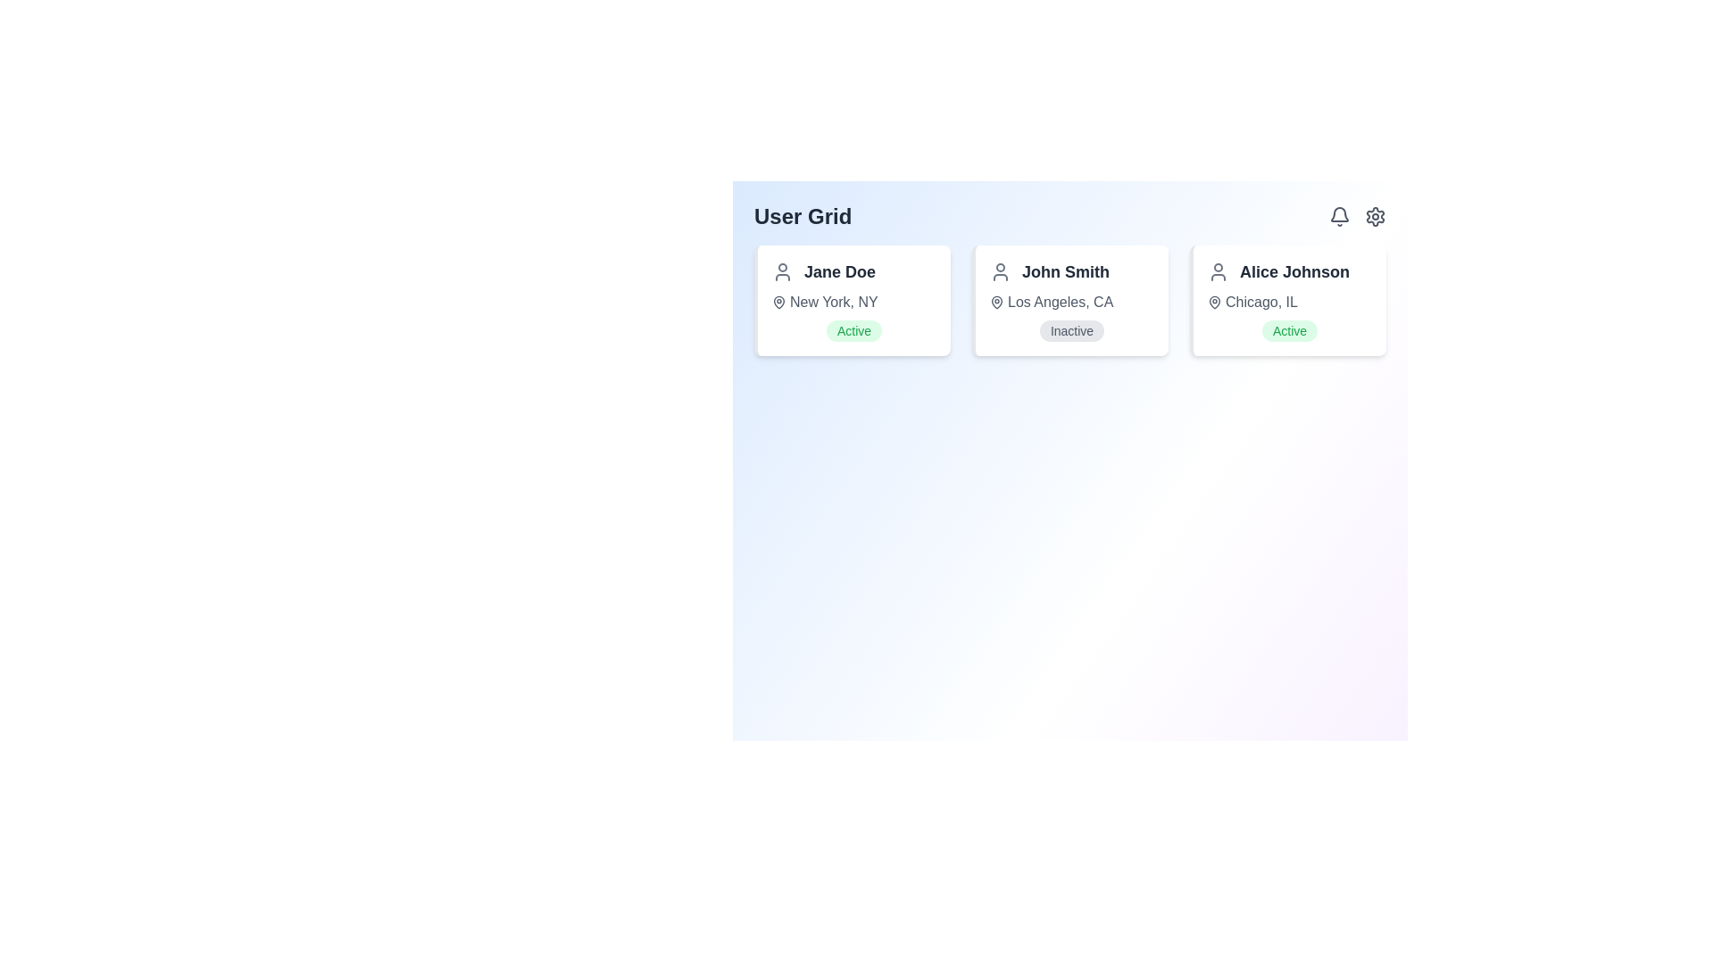  I want to click on the location pin icon indicating the location of 'Jane Doe' within her information card, positioned above the text 'New York, NY', so click(779, 301).